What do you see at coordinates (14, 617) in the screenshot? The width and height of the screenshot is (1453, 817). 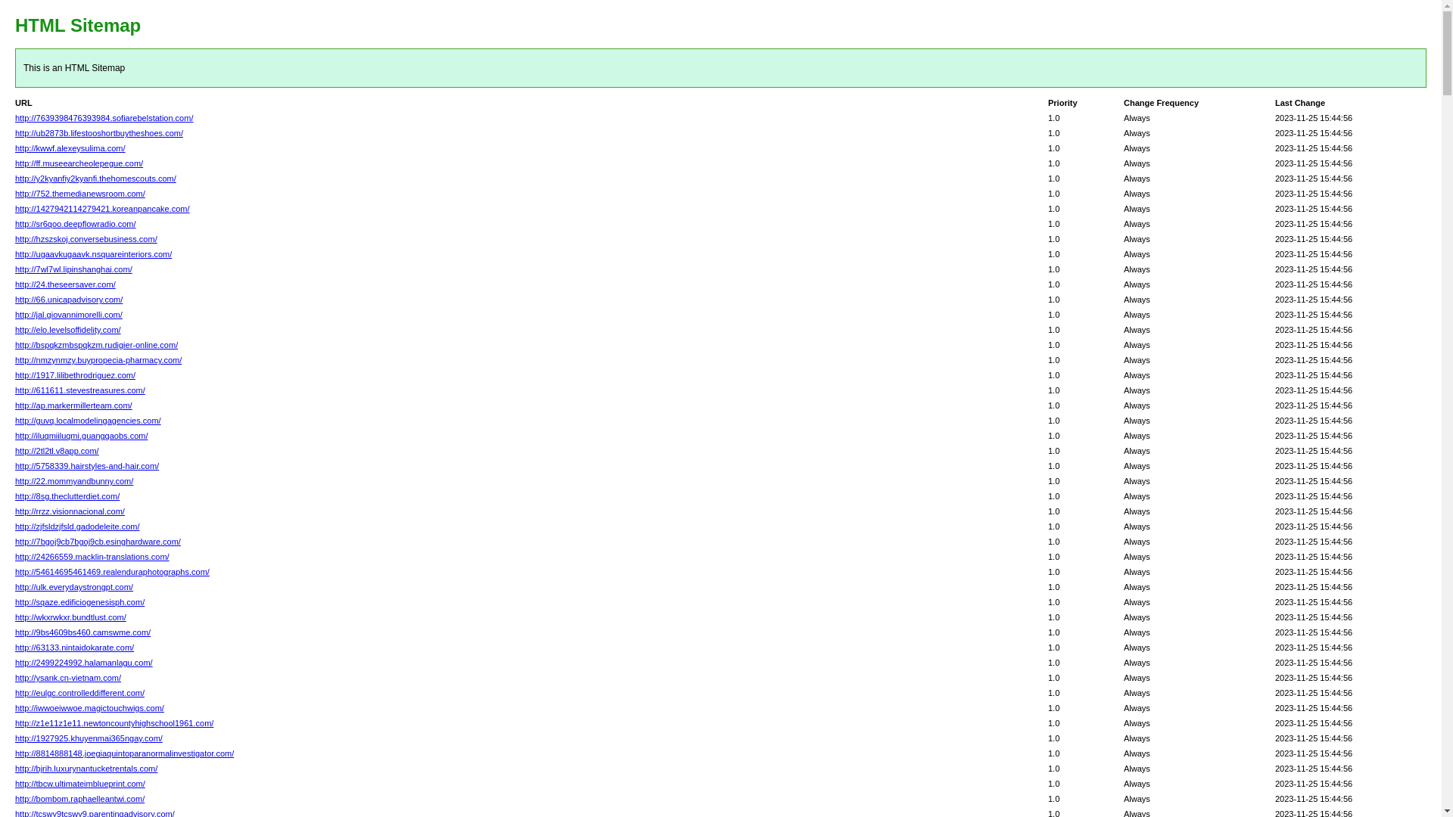 I see `'http://wkxrwkxr.bundtlust.com/'` at bounding box center [14, 617].